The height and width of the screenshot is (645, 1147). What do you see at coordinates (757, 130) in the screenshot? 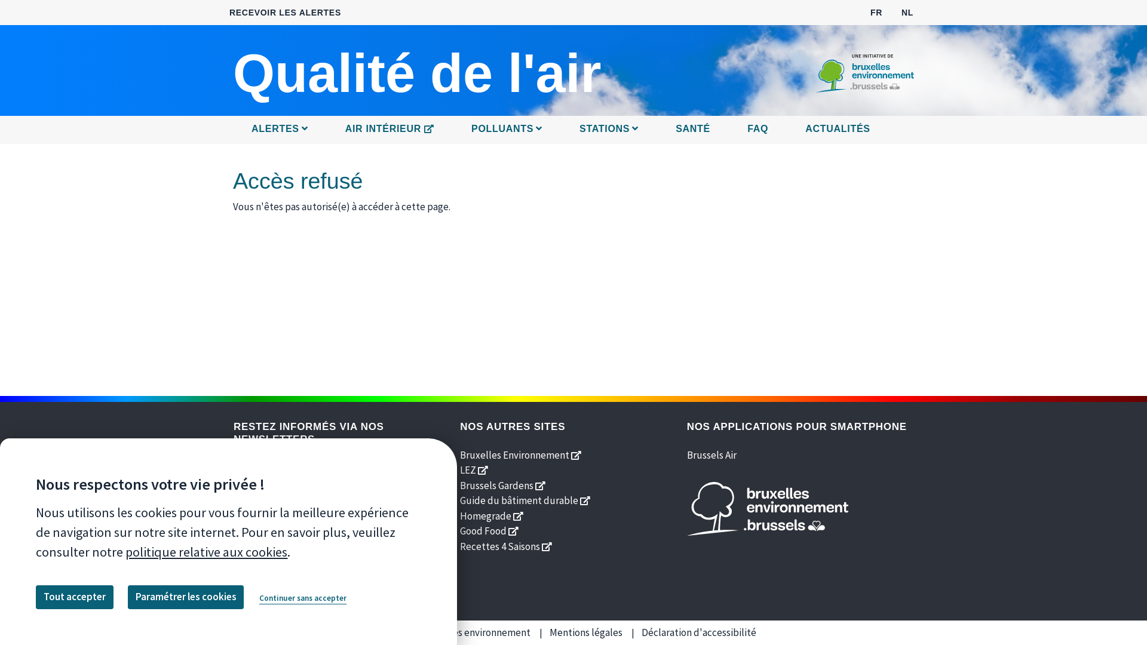
I see `'FAQ'` at bounding box center [757, 130].